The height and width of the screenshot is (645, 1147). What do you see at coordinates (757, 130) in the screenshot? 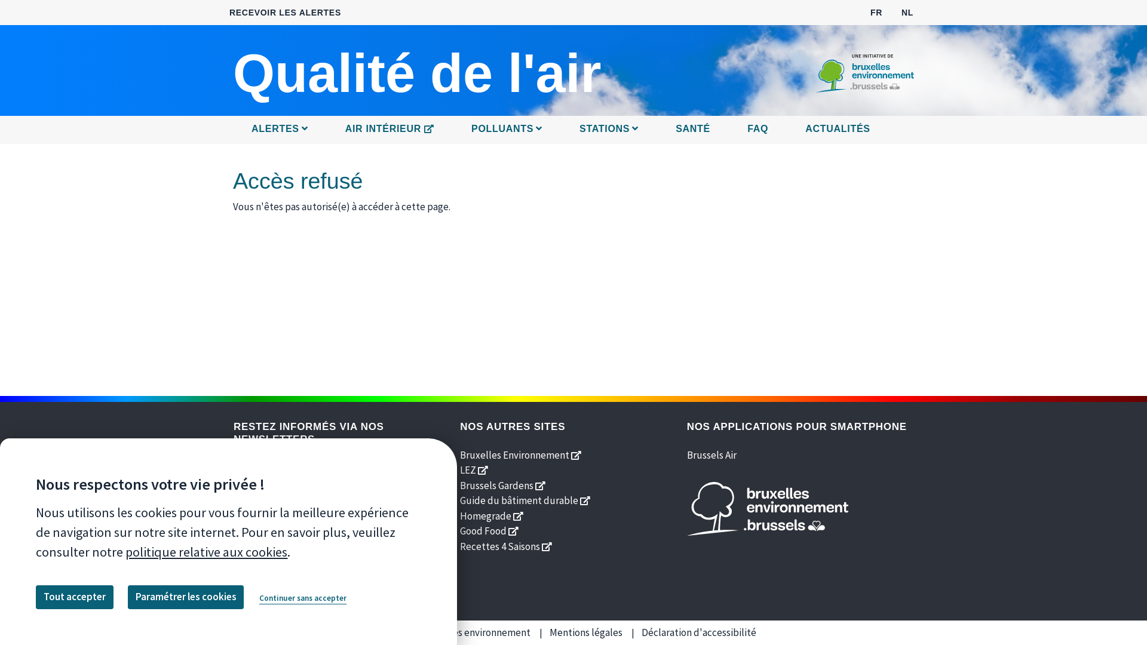
I see `'FAQ'` at bounding box center [757, 130].